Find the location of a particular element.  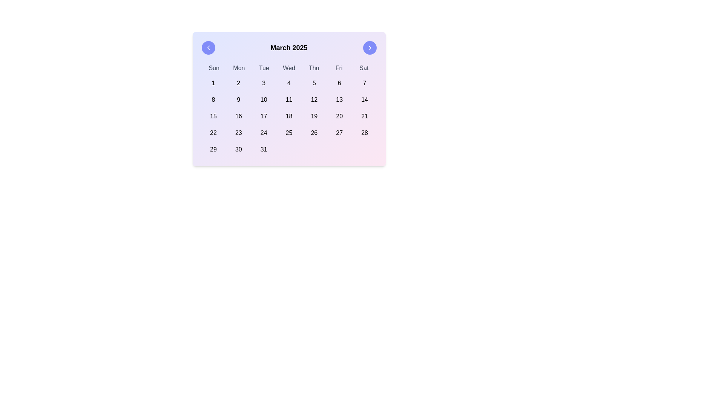

the text label displaying 'March 2025' which is centrally located in the top section of the calendar view, indicating the current view of the calendar is located at coordinates (288, 48).